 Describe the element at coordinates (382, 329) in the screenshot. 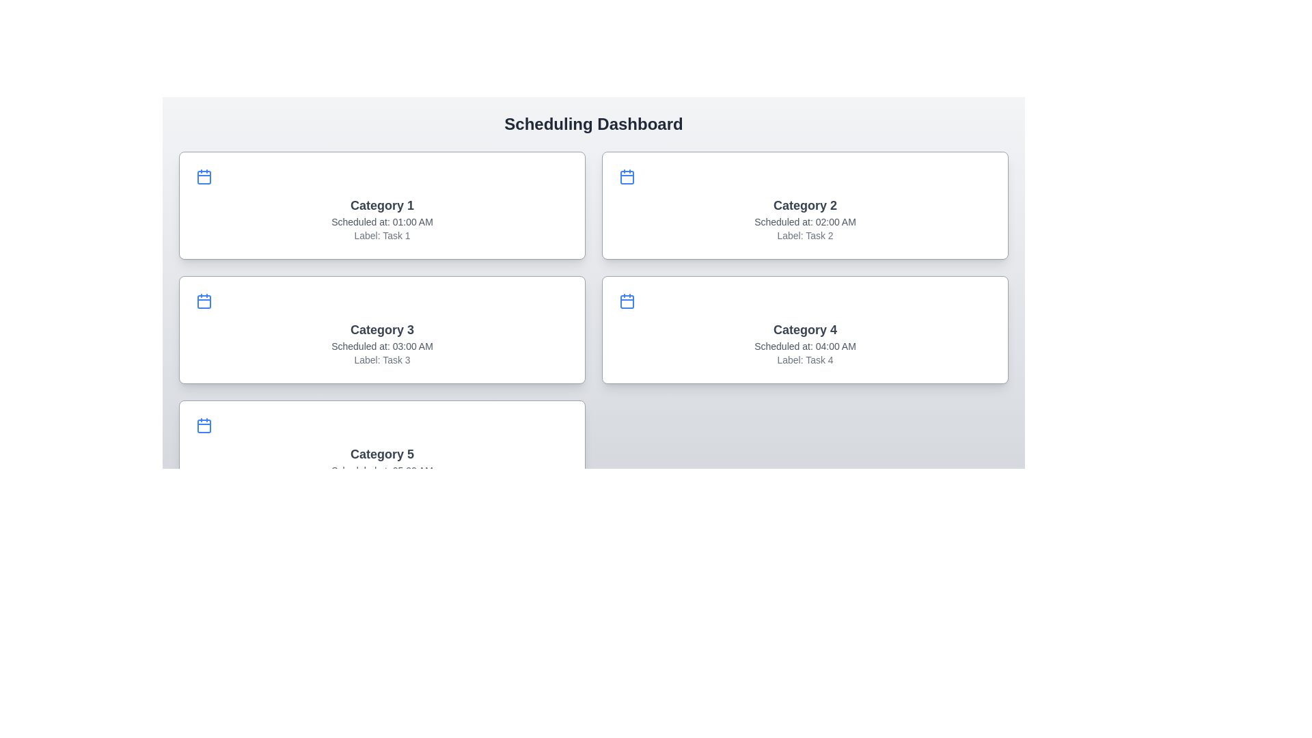

I see `the text component labeled 'Category 3' which is prominently displayed in dark gray above the 'Scheduled at: 03:00 AM' text on the Scheduling Dashboard` at that location.